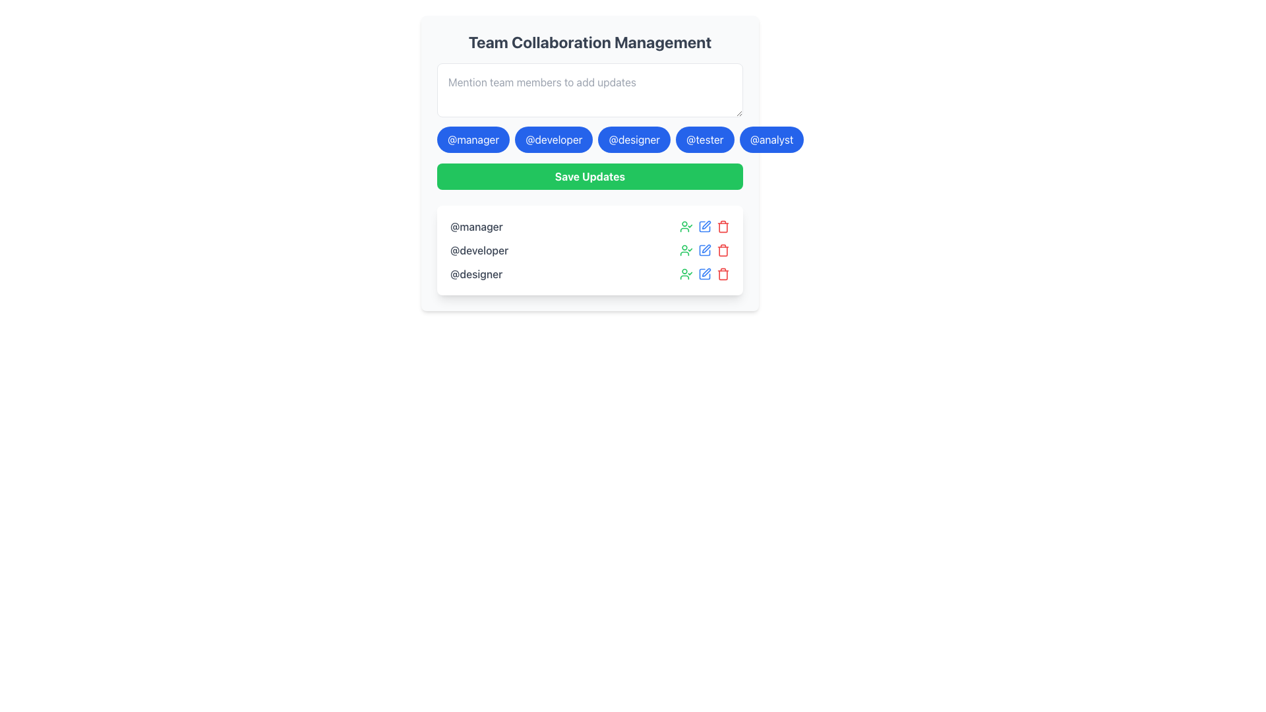 The width and height of the screenshot is (1266, 712). What do you see at coordinates (479, 251) in the screenshot?
I see `text of the second text label in the vertical list, which identifies a team member and is centrally aligned under the '@manager' item` at bounding box center [479, 251].